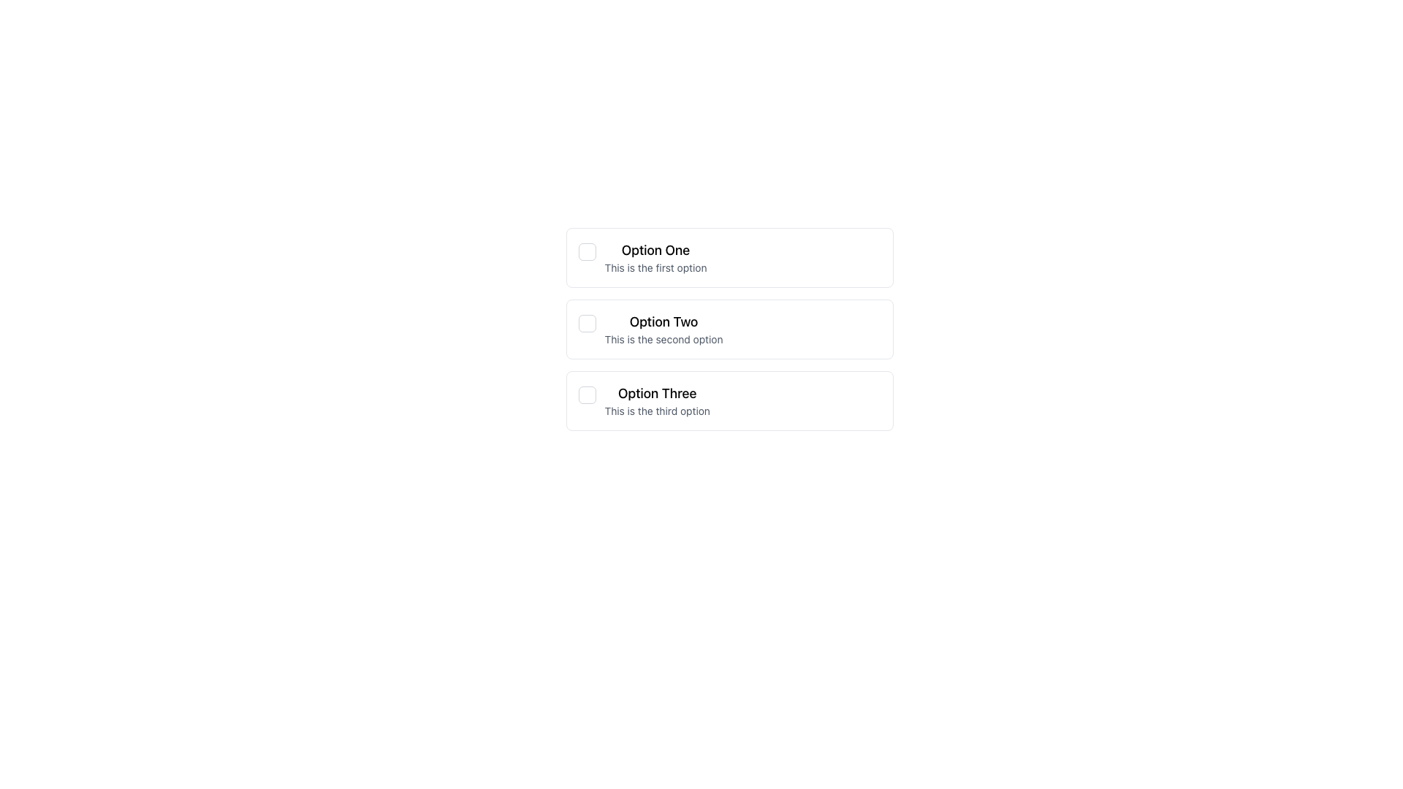 The image size is (1403, 789). What do you see at coordinates (663, 340) in the screenshot?
I see `the static text label that provides additional clarification for 'Option Two', located beneath the 'Option Two' text` at bounding box center [663, 340].